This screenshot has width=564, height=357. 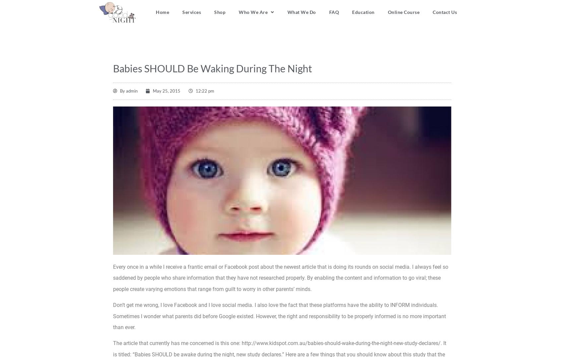 I want to click on 'Babies SHOULD Be Waking During The Night', so click(x=113, y=68).